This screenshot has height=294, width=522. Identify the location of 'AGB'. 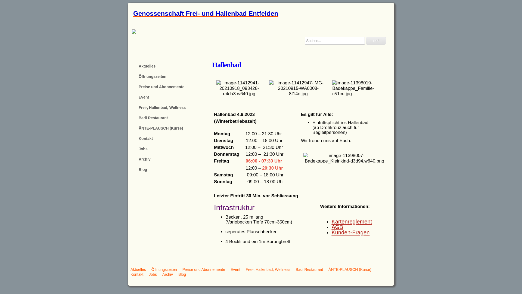
(337, 227).